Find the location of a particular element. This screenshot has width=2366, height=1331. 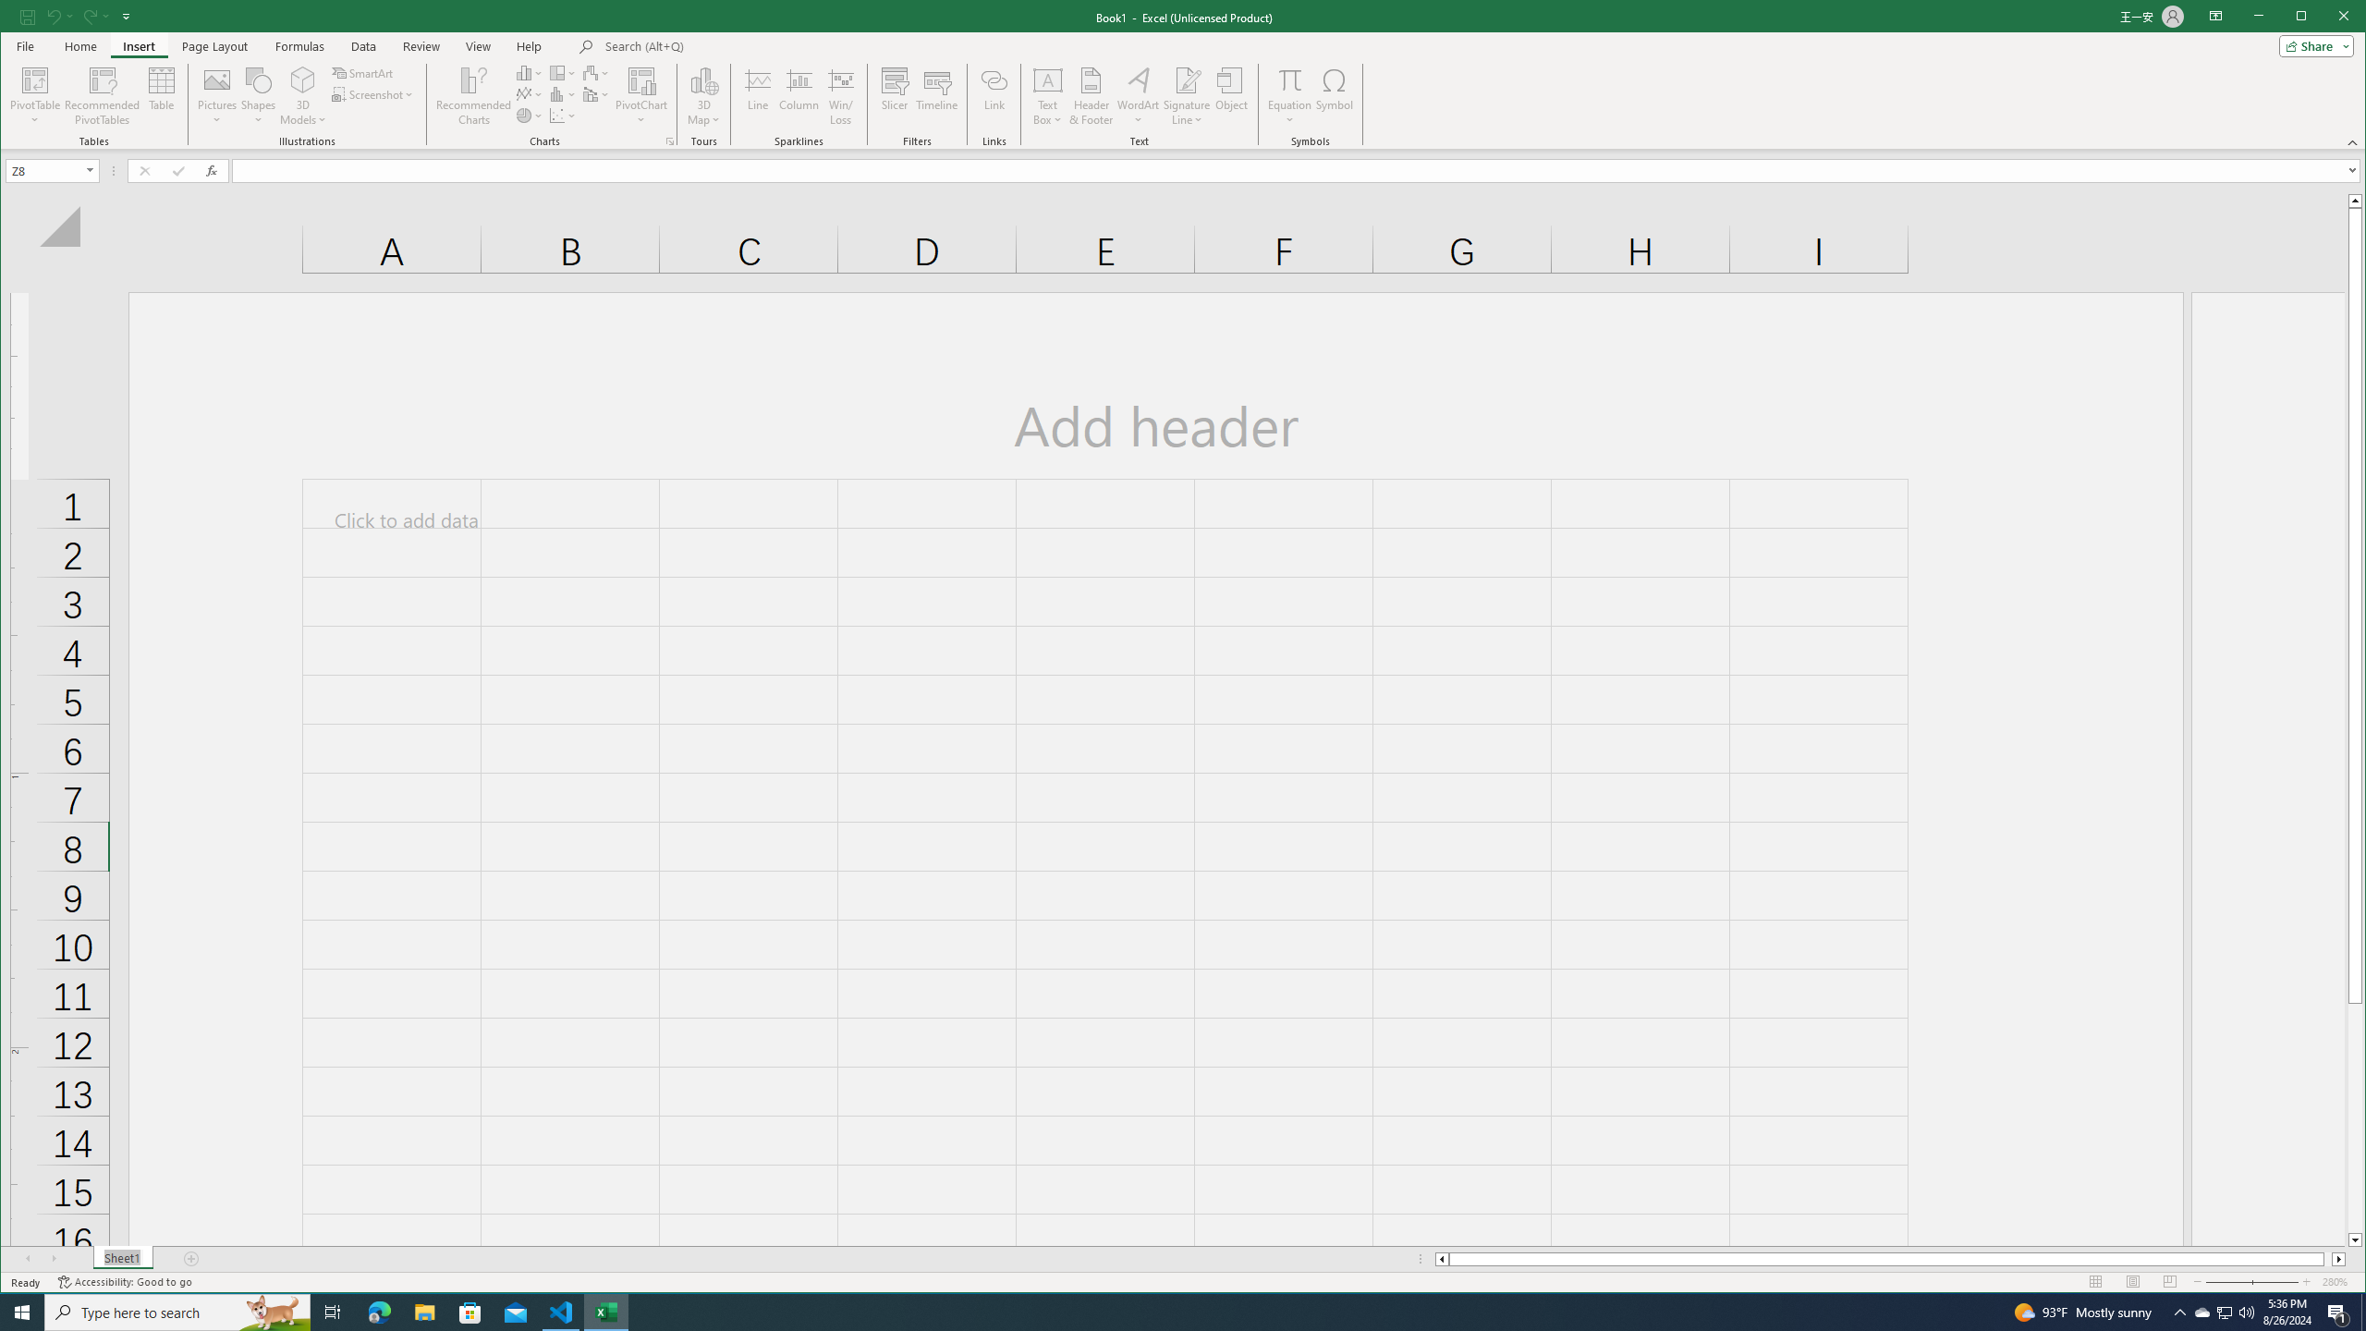

'Maximize' is located at coordinates (2328, 18).